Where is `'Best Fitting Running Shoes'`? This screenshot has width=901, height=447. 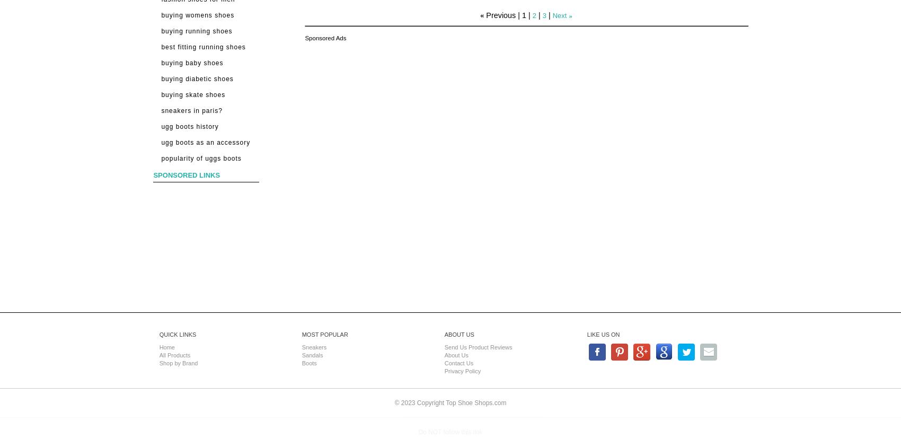
'Best Fitting Running Shoes' is located at coordinates (202, 47).